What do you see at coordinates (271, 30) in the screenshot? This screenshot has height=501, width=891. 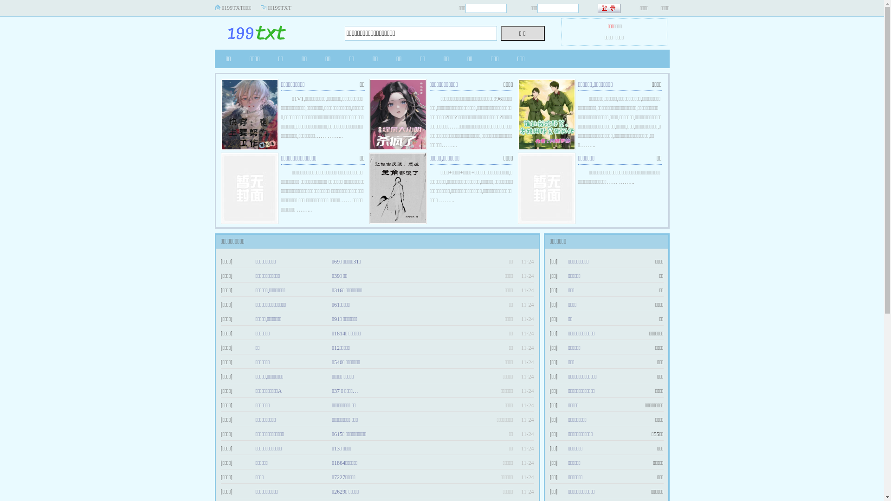 I see `'199TXT'` at bounding box center [271, 30].